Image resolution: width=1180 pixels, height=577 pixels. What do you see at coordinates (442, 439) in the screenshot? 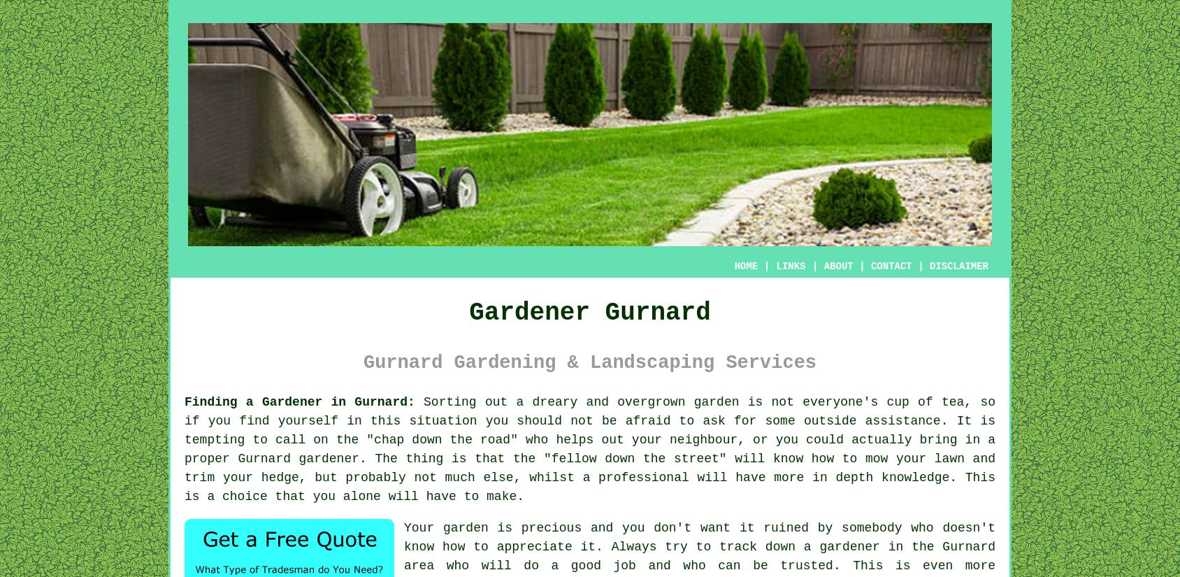
I see `'chap down the road'` at bounding box center [442, 439].